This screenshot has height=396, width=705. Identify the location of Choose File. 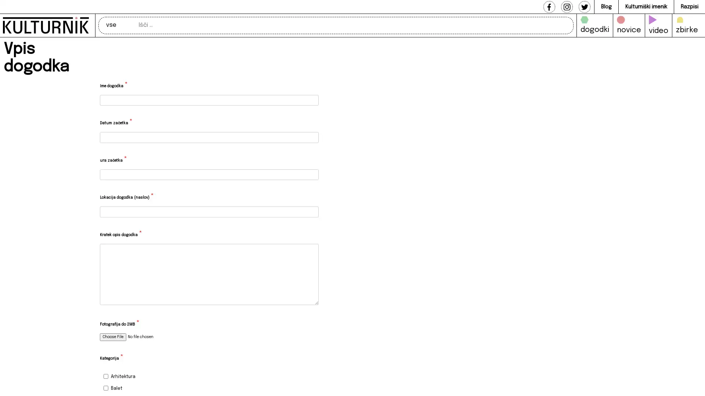
(112, 337).